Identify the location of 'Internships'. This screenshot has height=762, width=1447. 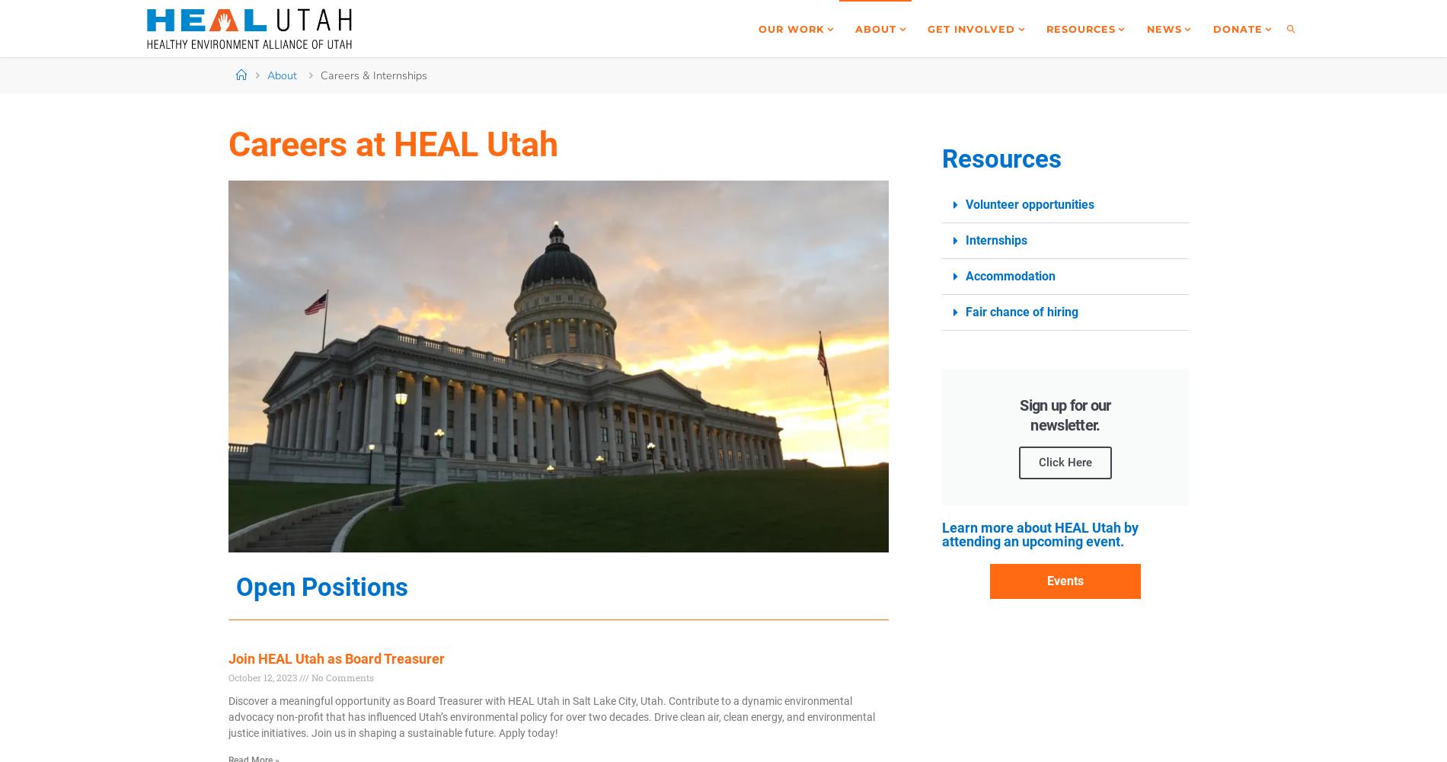
(995, 239).